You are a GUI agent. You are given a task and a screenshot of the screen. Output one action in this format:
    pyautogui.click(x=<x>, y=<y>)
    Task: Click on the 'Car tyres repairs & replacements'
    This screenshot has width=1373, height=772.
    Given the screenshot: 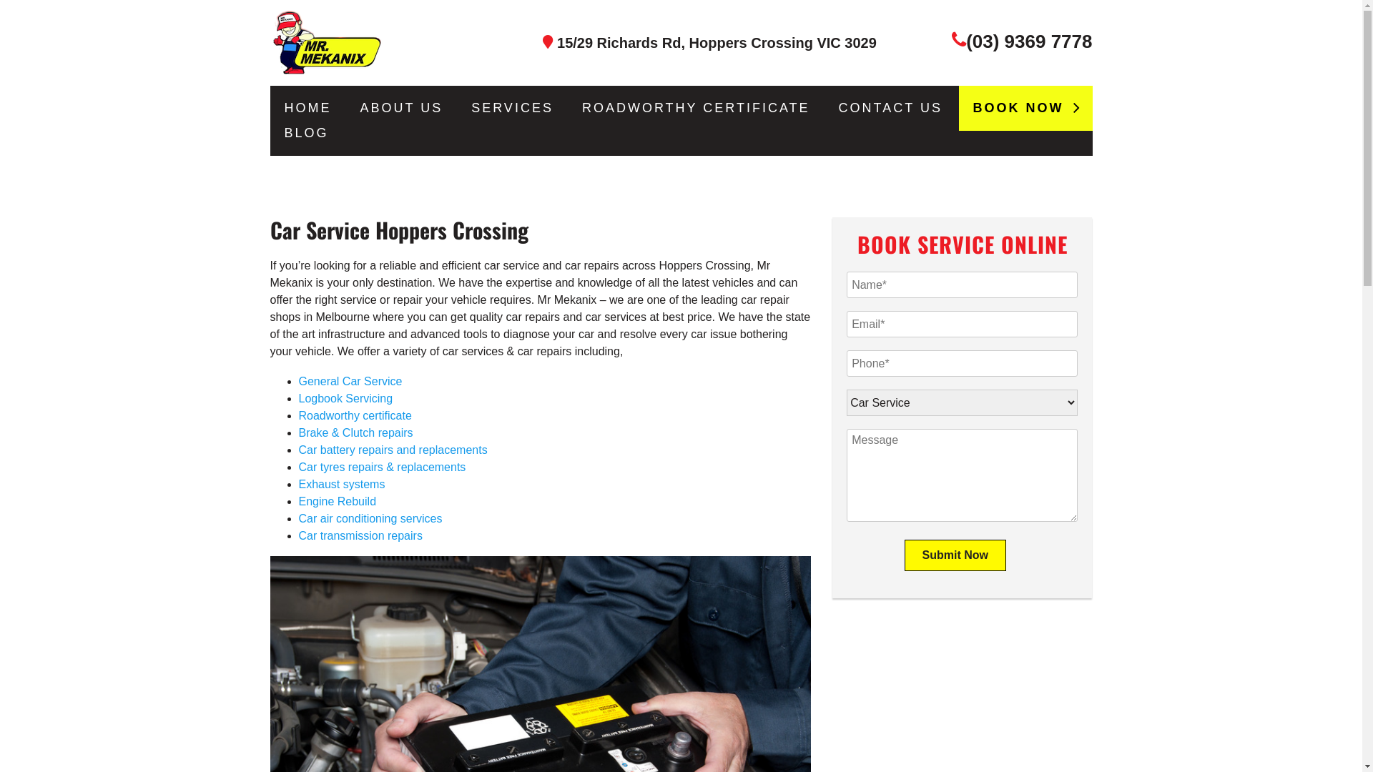 What is the action you would take?
    pyautogui.click(x=297, y=467)
    